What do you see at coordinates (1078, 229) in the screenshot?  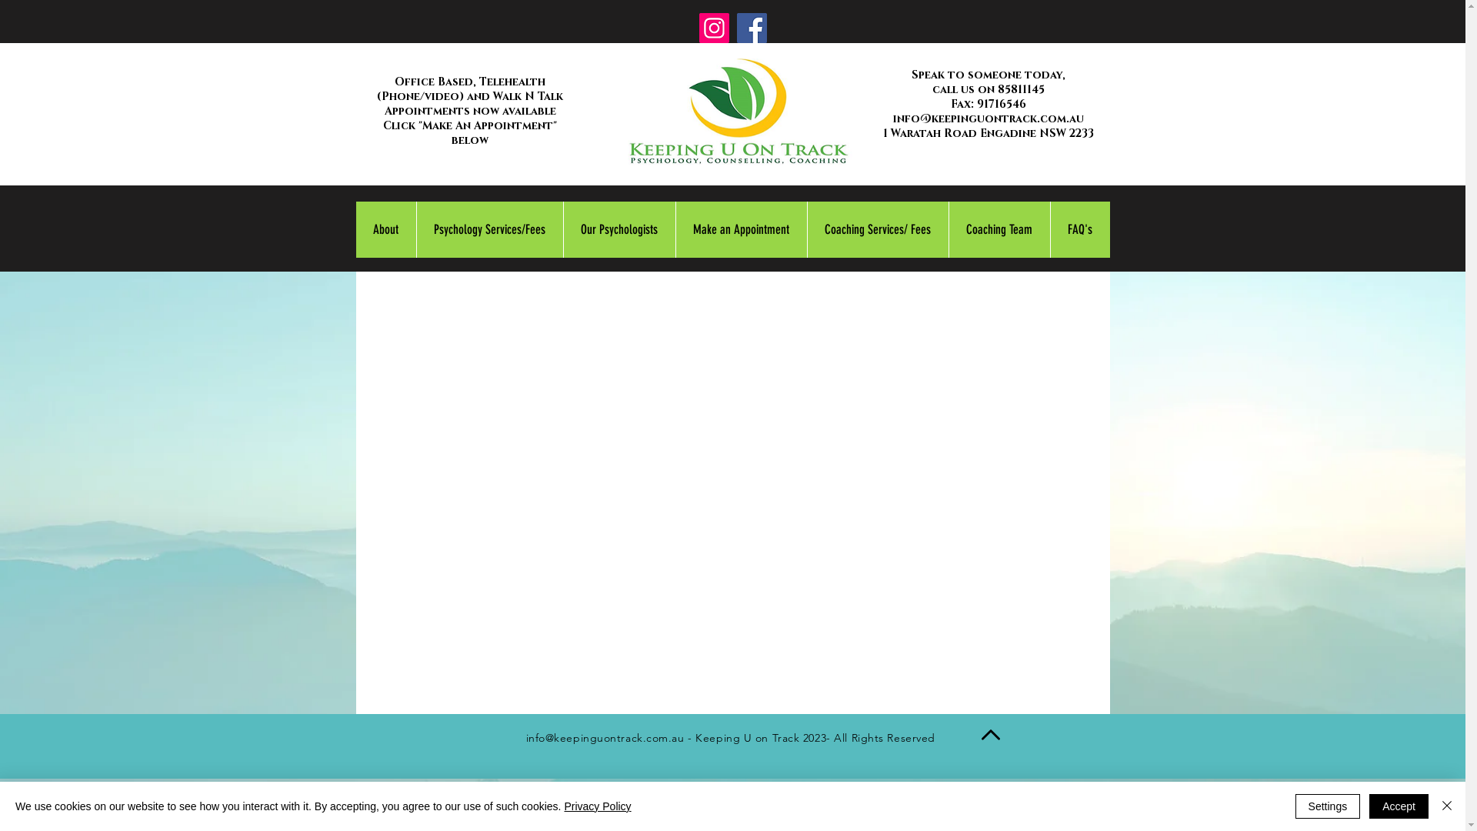 I see `'FAQ's'` at bounding box center [1078, 229].